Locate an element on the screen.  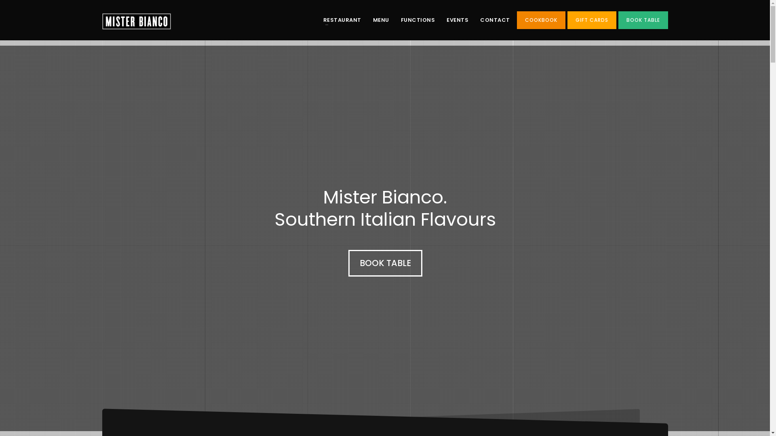
'FUNCTIONS' is located at coordinates (418, 20).